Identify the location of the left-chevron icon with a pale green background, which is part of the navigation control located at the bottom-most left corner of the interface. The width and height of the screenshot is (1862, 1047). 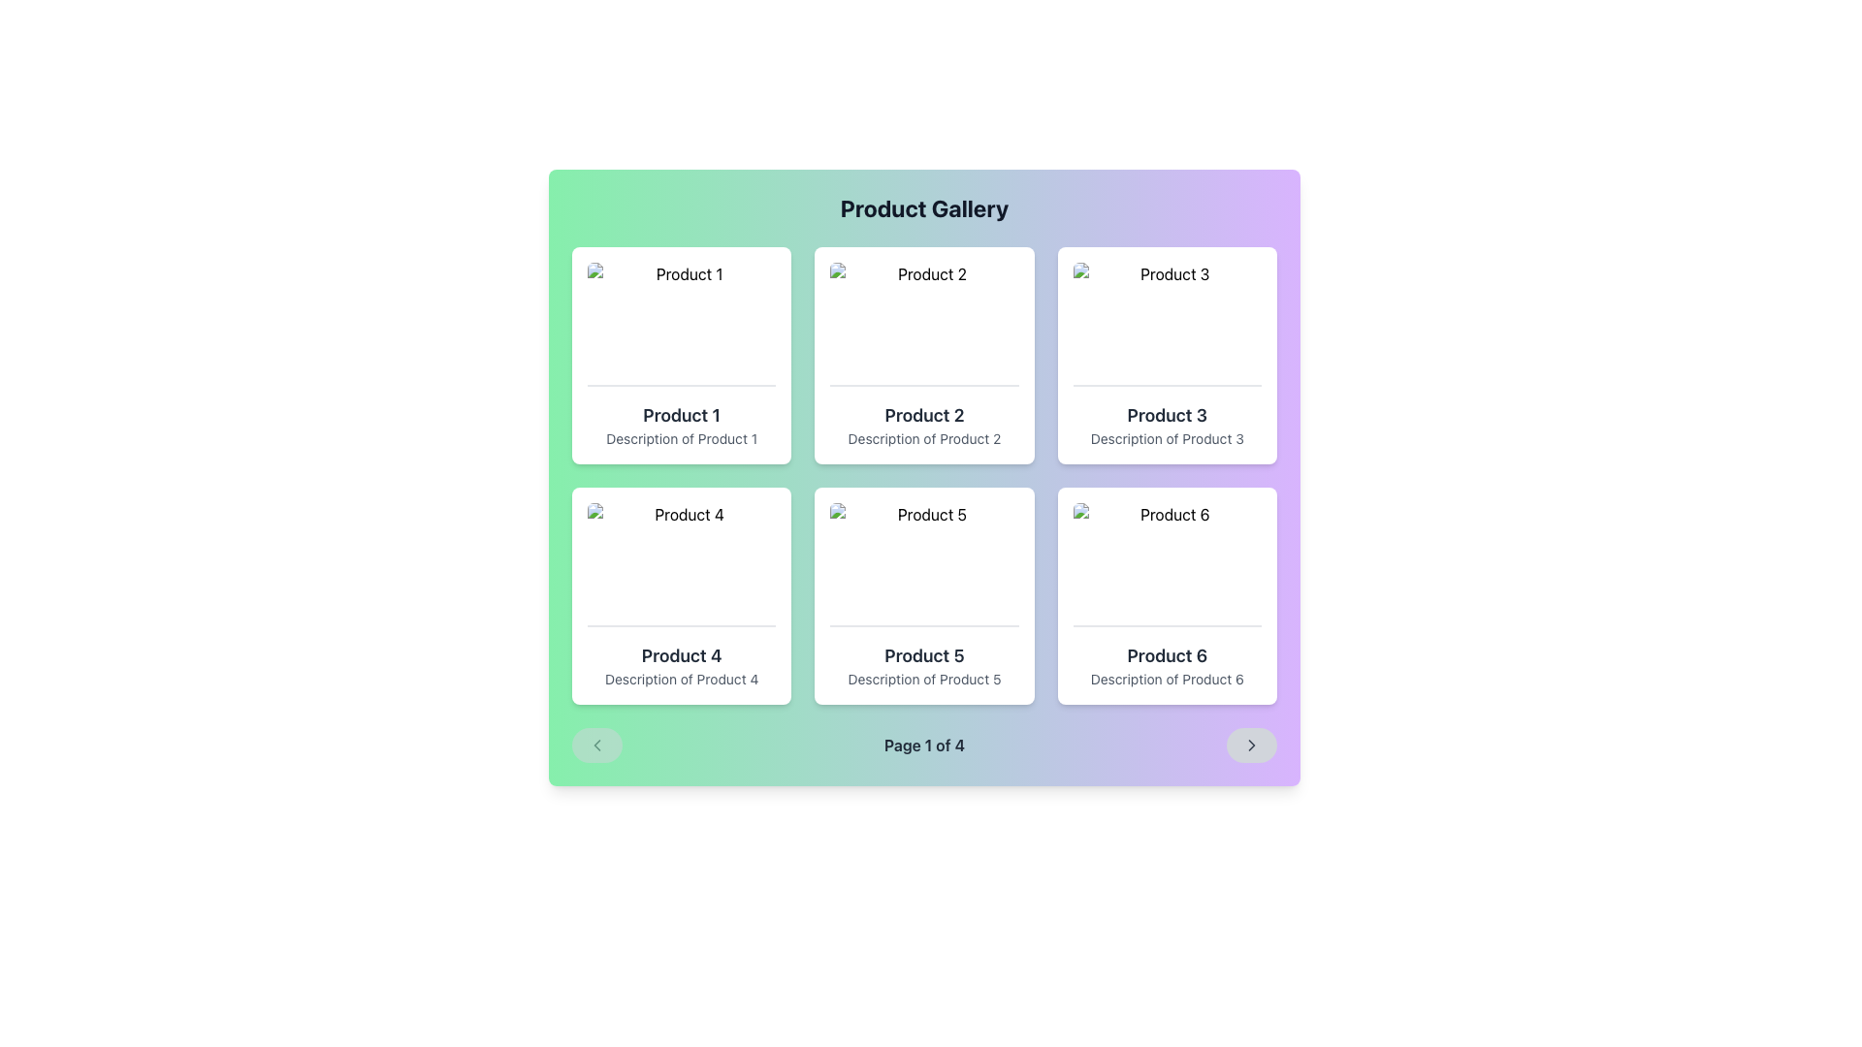
(595, 744).